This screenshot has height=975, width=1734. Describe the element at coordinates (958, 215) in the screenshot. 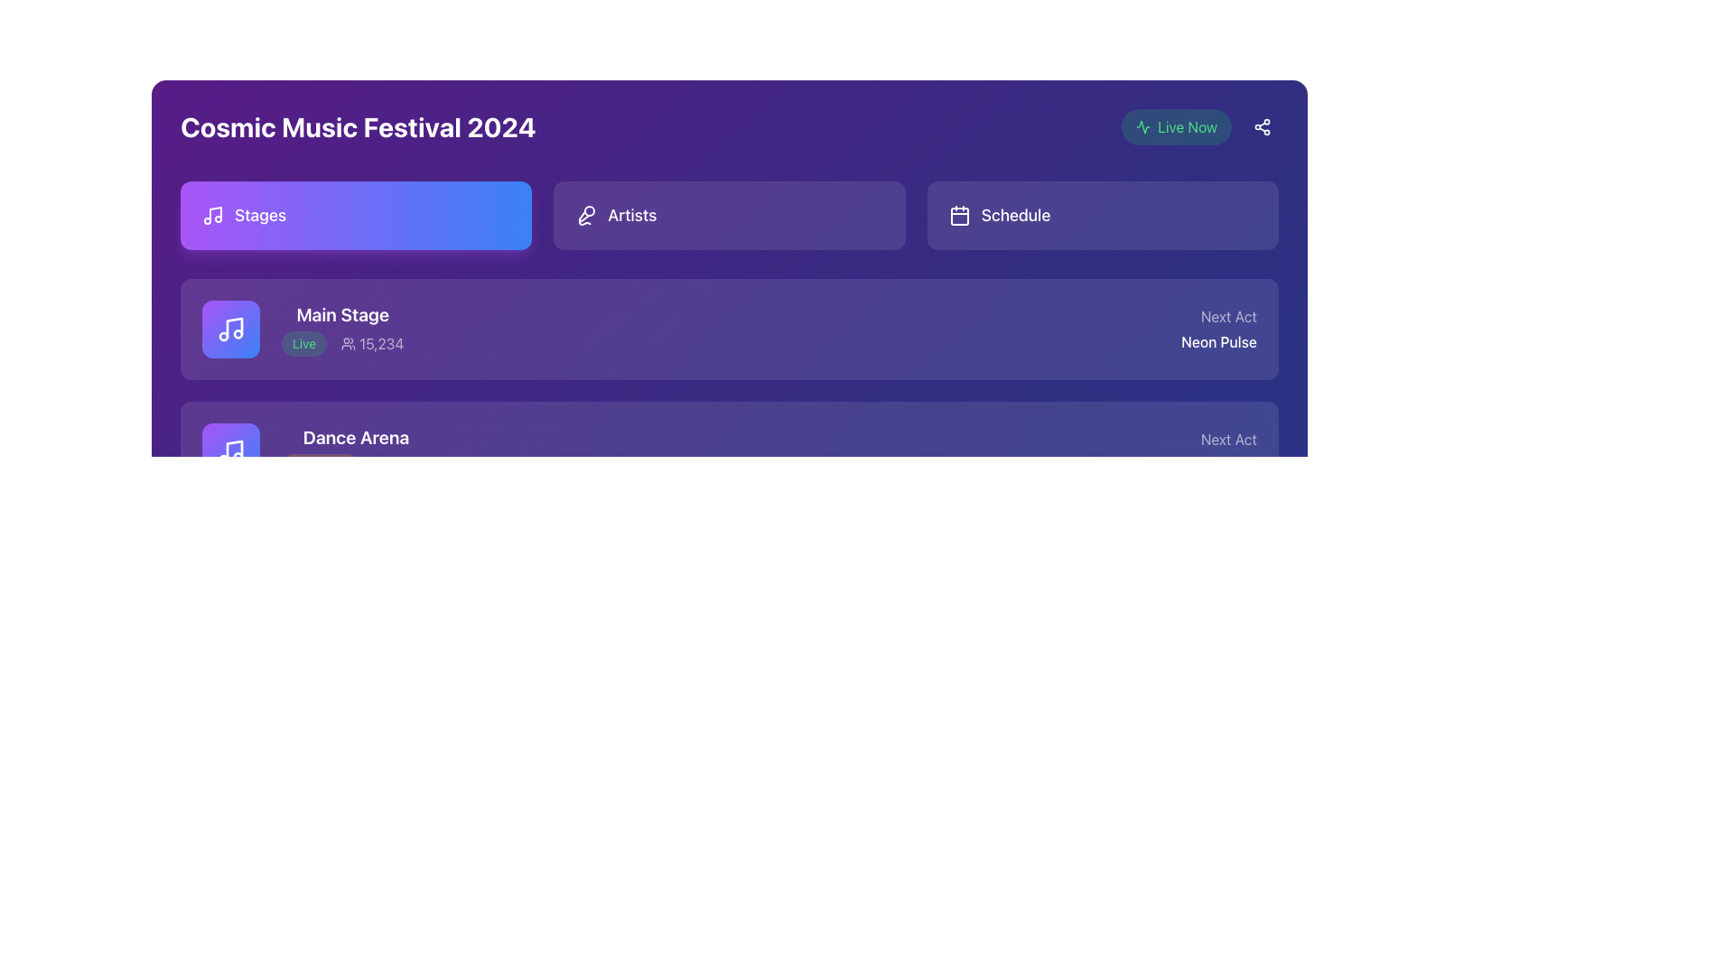

I see `the calendar icon with a white stroke on a purple background, located in the navigation bar next to the 'Schedule' label` at that location.